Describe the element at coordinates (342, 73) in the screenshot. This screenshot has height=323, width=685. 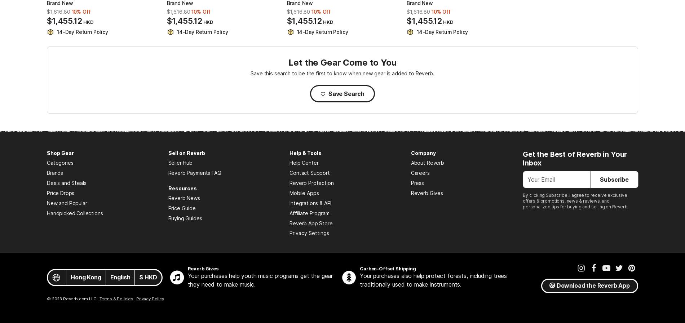
I see `'Save this search to be the first to know when new gear is added to Reverb.'` at that location.